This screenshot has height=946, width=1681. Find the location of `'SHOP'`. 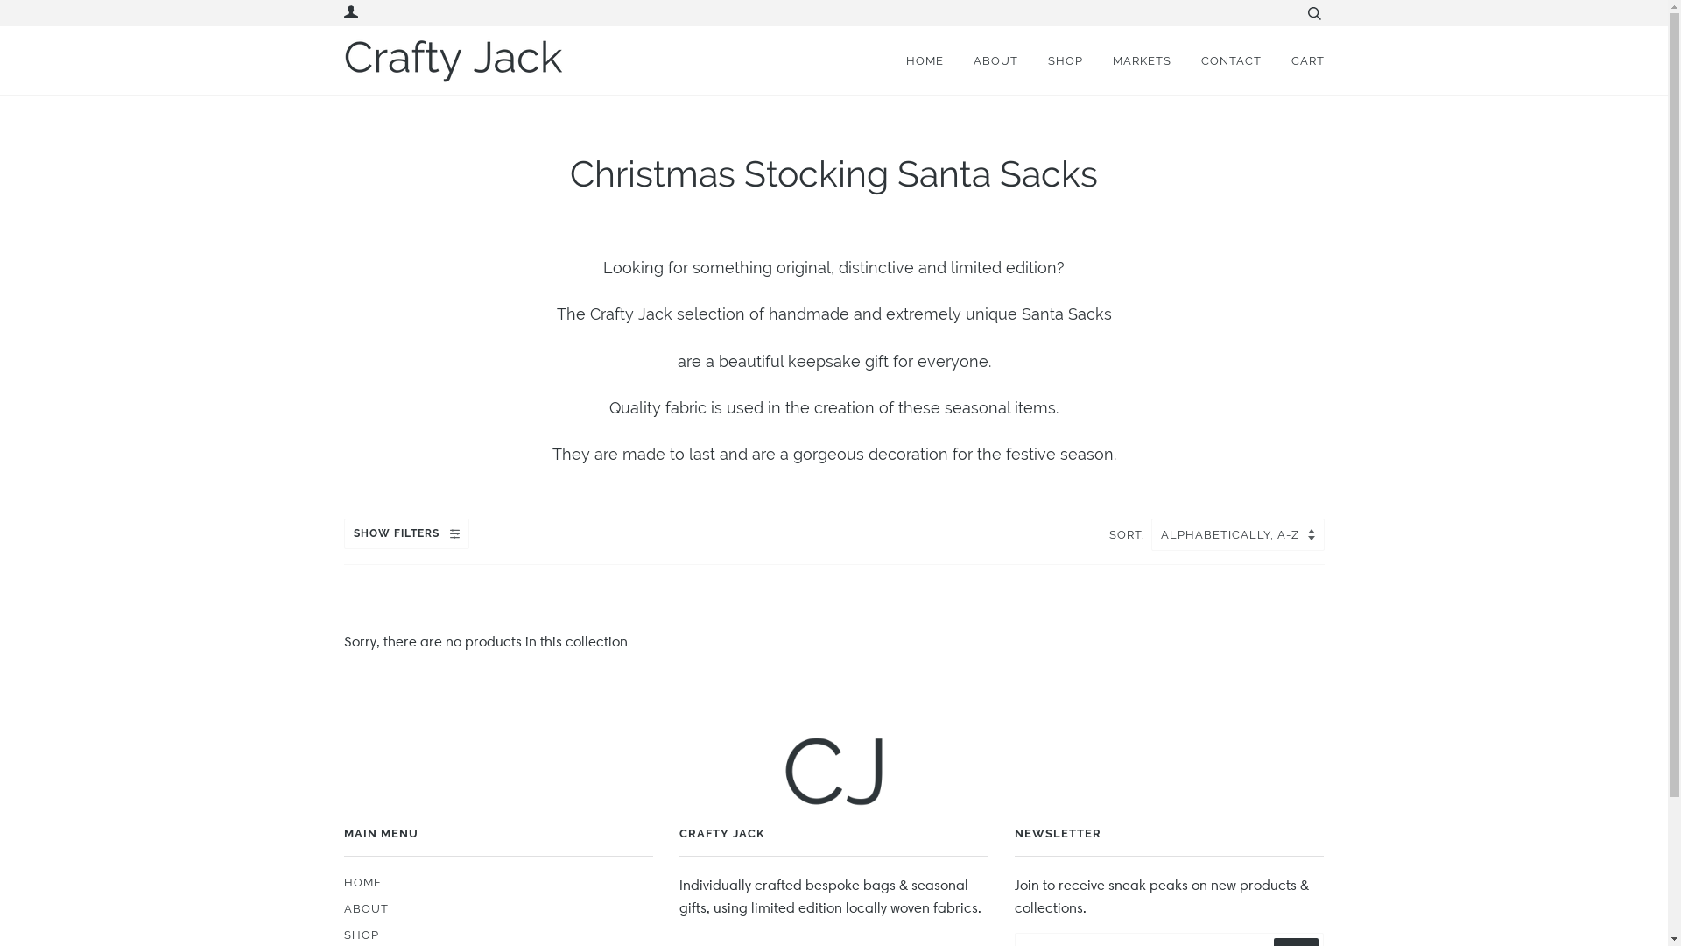

'SHOP' is located at coordinates (360, 934).